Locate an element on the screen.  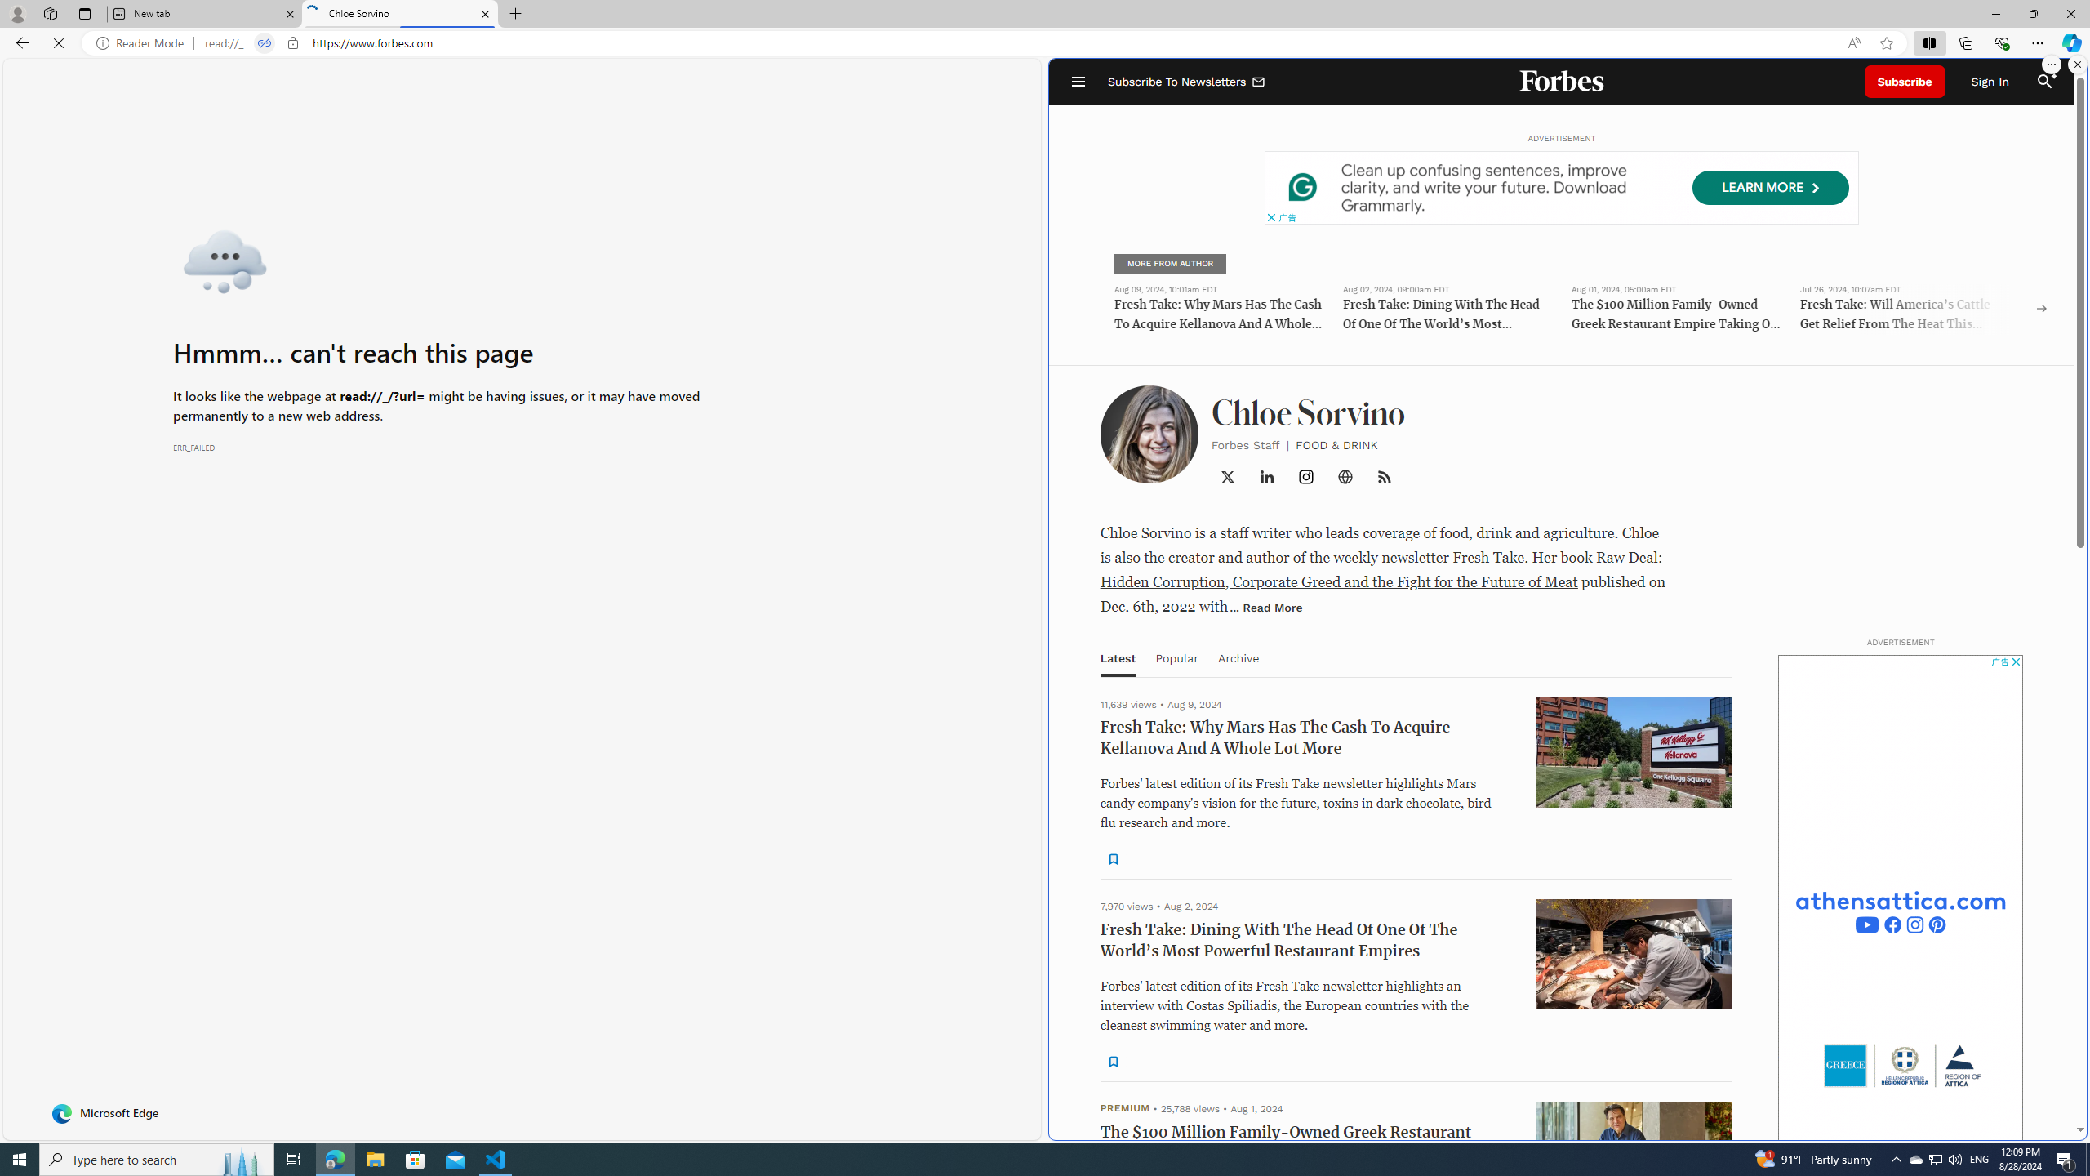
'Reader Mode' is located at coordinates (143, 43).